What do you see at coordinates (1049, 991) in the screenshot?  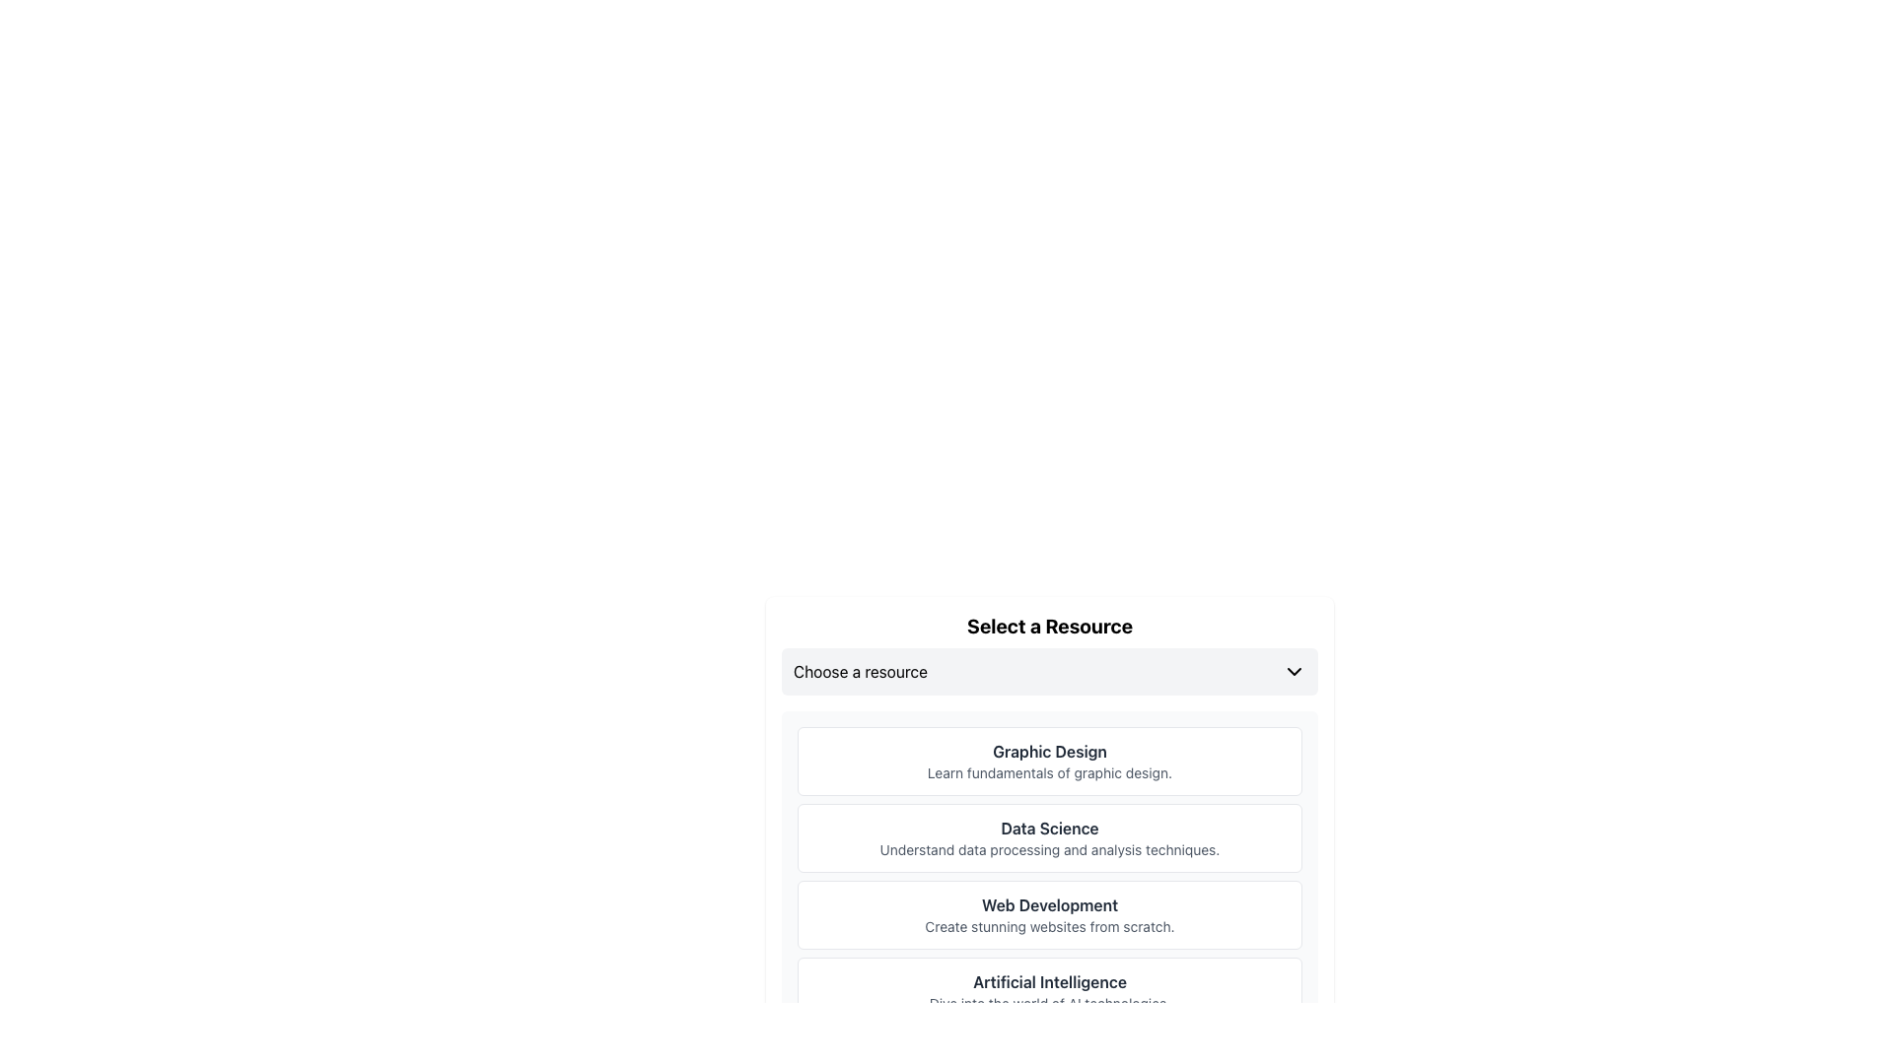 I see `the fourth card in the vertical list titled 'Select a Resource', which represents a selectable resource option for Artificial Intelligence` at bounding box center [1049, 991].